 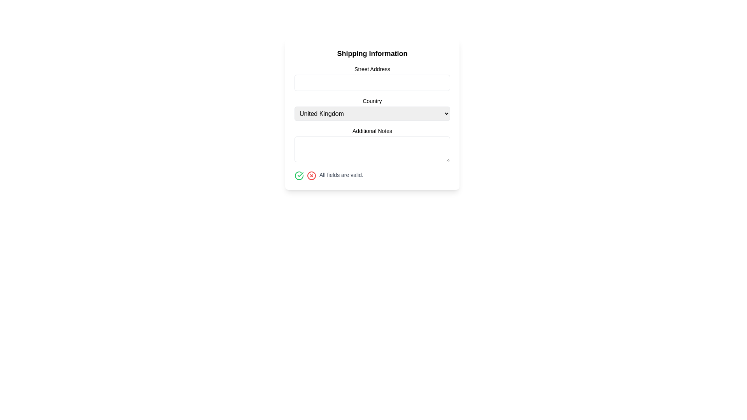 I want to click on the SVG circle element that signifies an error state, located next to the text 'All fields are valid.', so click(x=312, y=175).